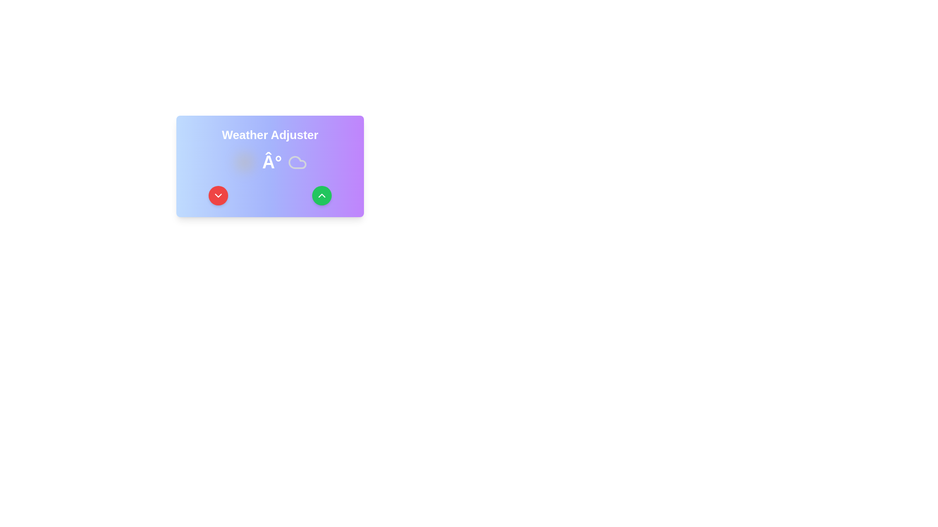  I want to click on the cloud-shaped vector graphic within the 'Weather Adjuster' interface, so click(297, 162).